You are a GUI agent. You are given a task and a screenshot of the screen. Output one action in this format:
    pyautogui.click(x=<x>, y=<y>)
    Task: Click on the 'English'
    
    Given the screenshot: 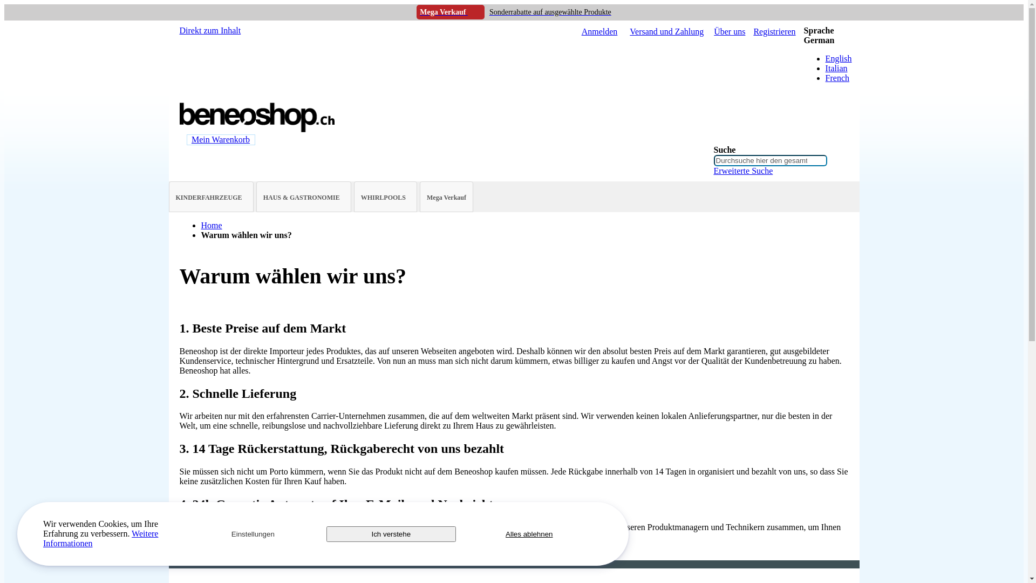 What is the action you would take?
    pyautogui.click(x=838, y=58)
    